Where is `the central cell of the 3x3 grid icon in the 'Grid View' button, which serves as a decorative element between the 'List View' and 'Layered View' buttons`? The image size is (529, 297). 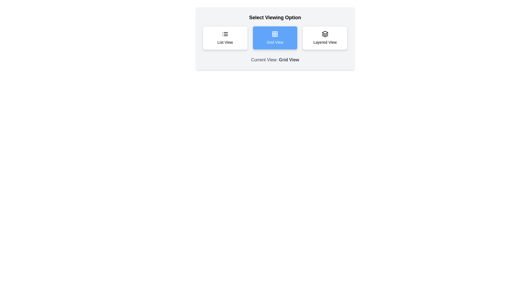
the central cell of the 3x3 grid icon in the 'Grid View' button, which serves as a decorative element between the 'List View' and 'Layered View' buttons is located at coordinates (275, 34).